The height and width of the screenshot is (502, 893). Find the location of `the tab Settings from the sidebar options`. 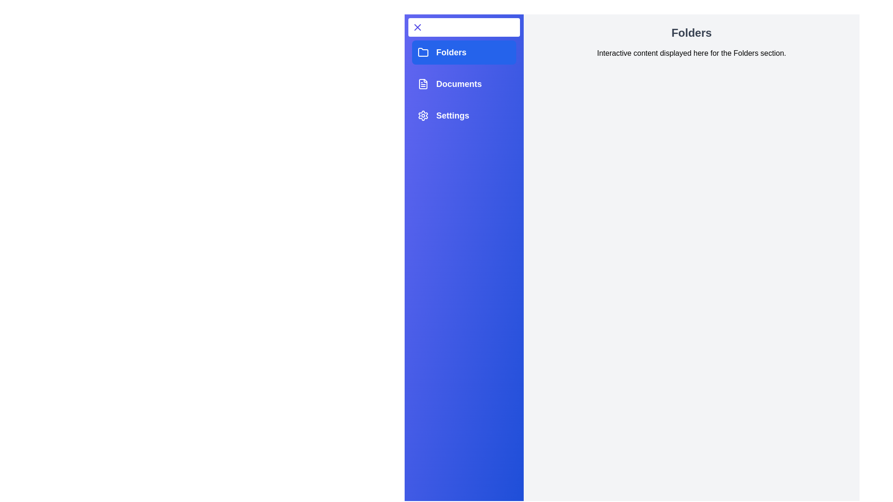

the tab Settings from the sidebar options is located at coordinates (464, 115).